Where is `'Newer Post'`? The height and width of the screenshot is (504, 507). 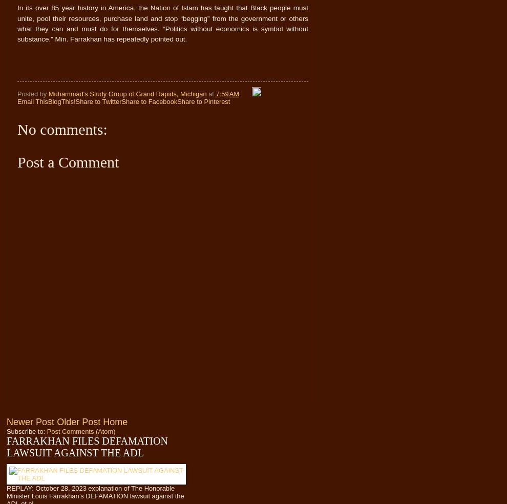
'Newer Post' is located at coordinates (30, 421).